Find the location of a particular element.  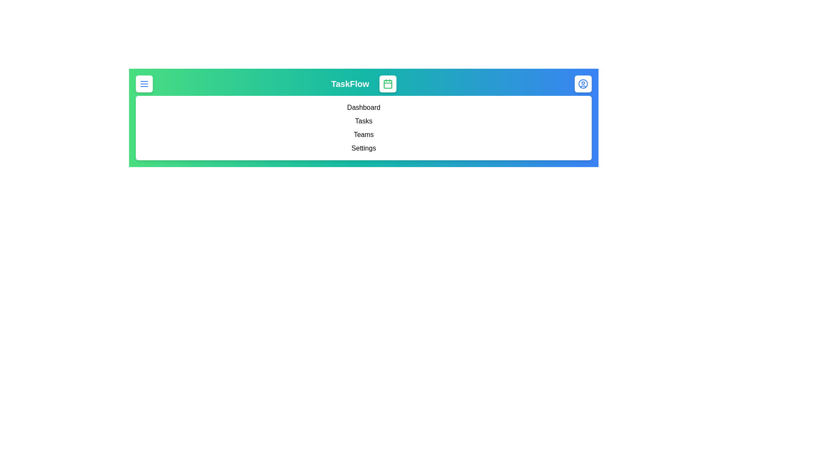

the menu item Teams to navigate to the respective section is located at coordinates (364, 134).